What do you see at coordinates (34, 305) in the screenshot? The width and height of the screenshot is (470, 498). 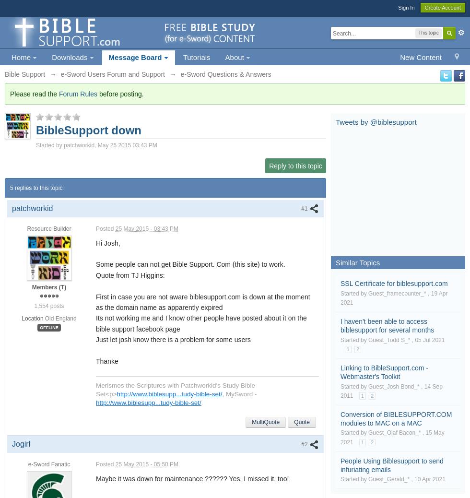 I see `'1,554 posts'` at bounding box center [34, 305].